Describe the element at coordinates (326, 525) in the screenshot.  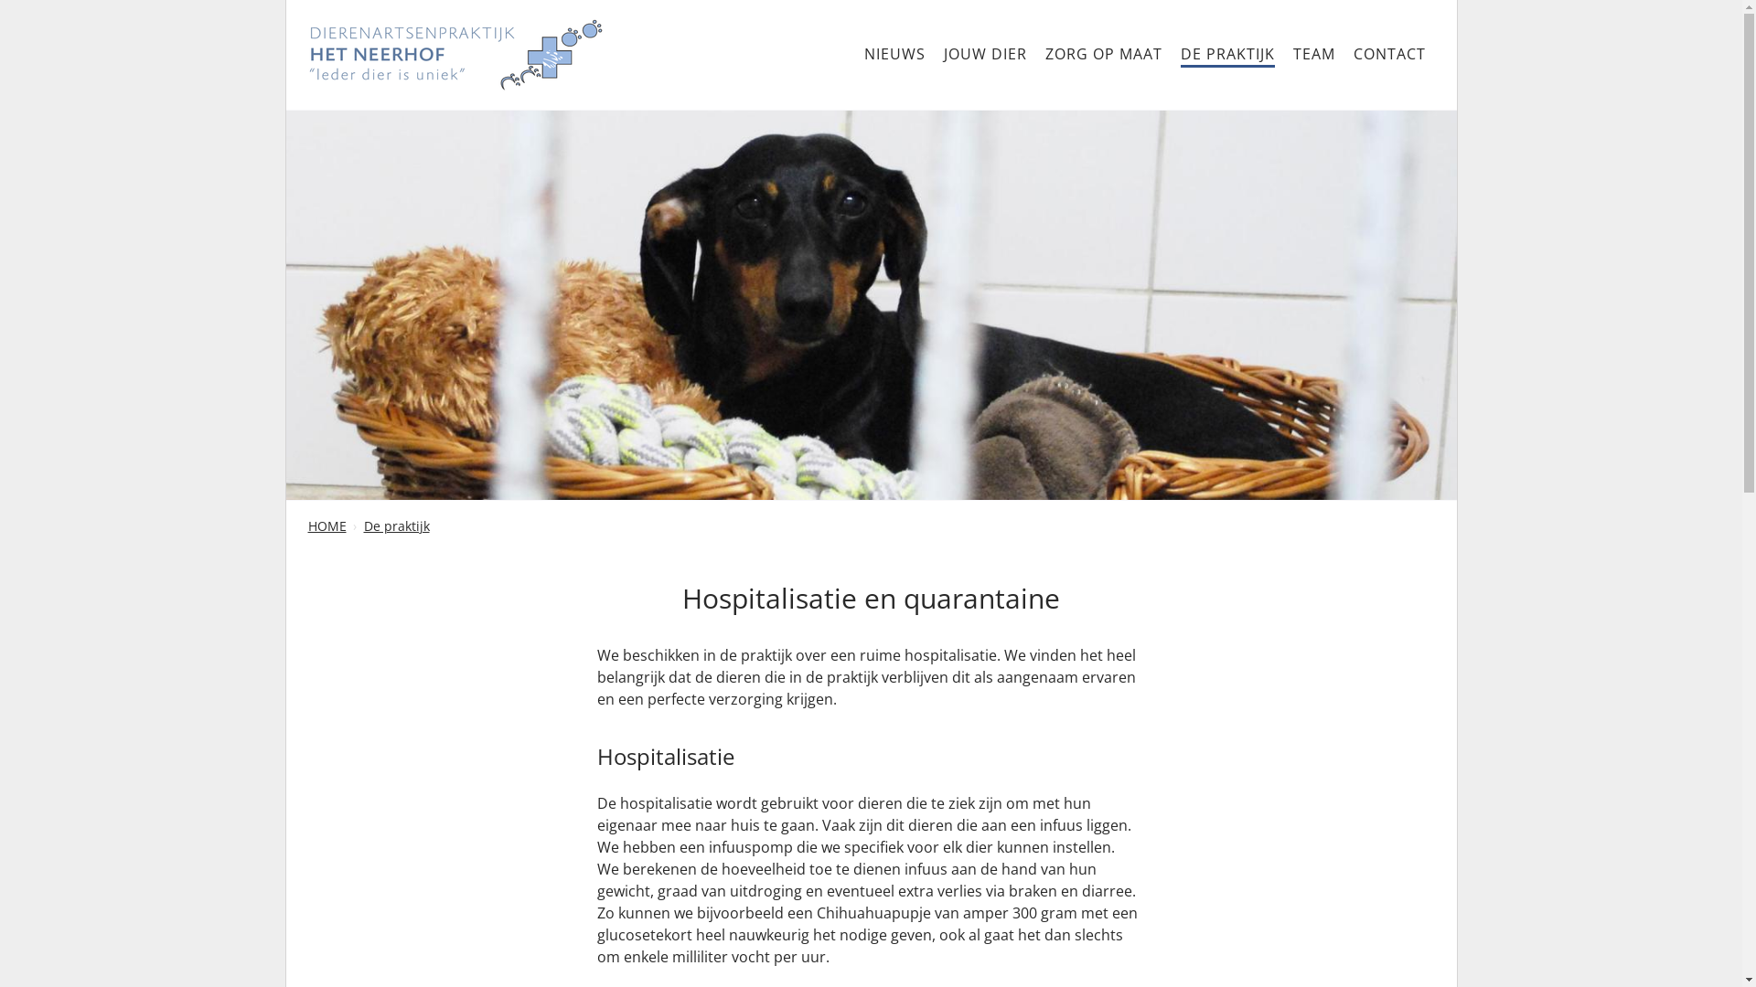
I see `'HOME'` at that location.